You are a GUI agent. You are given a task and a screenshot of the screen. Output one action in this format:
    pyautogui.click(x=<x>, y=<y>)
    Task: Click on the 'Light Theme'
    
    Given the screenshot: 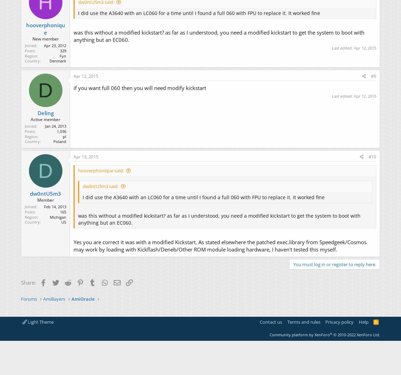 What is the action you would take?
    pyautogui.click(x=40, y=321)
    